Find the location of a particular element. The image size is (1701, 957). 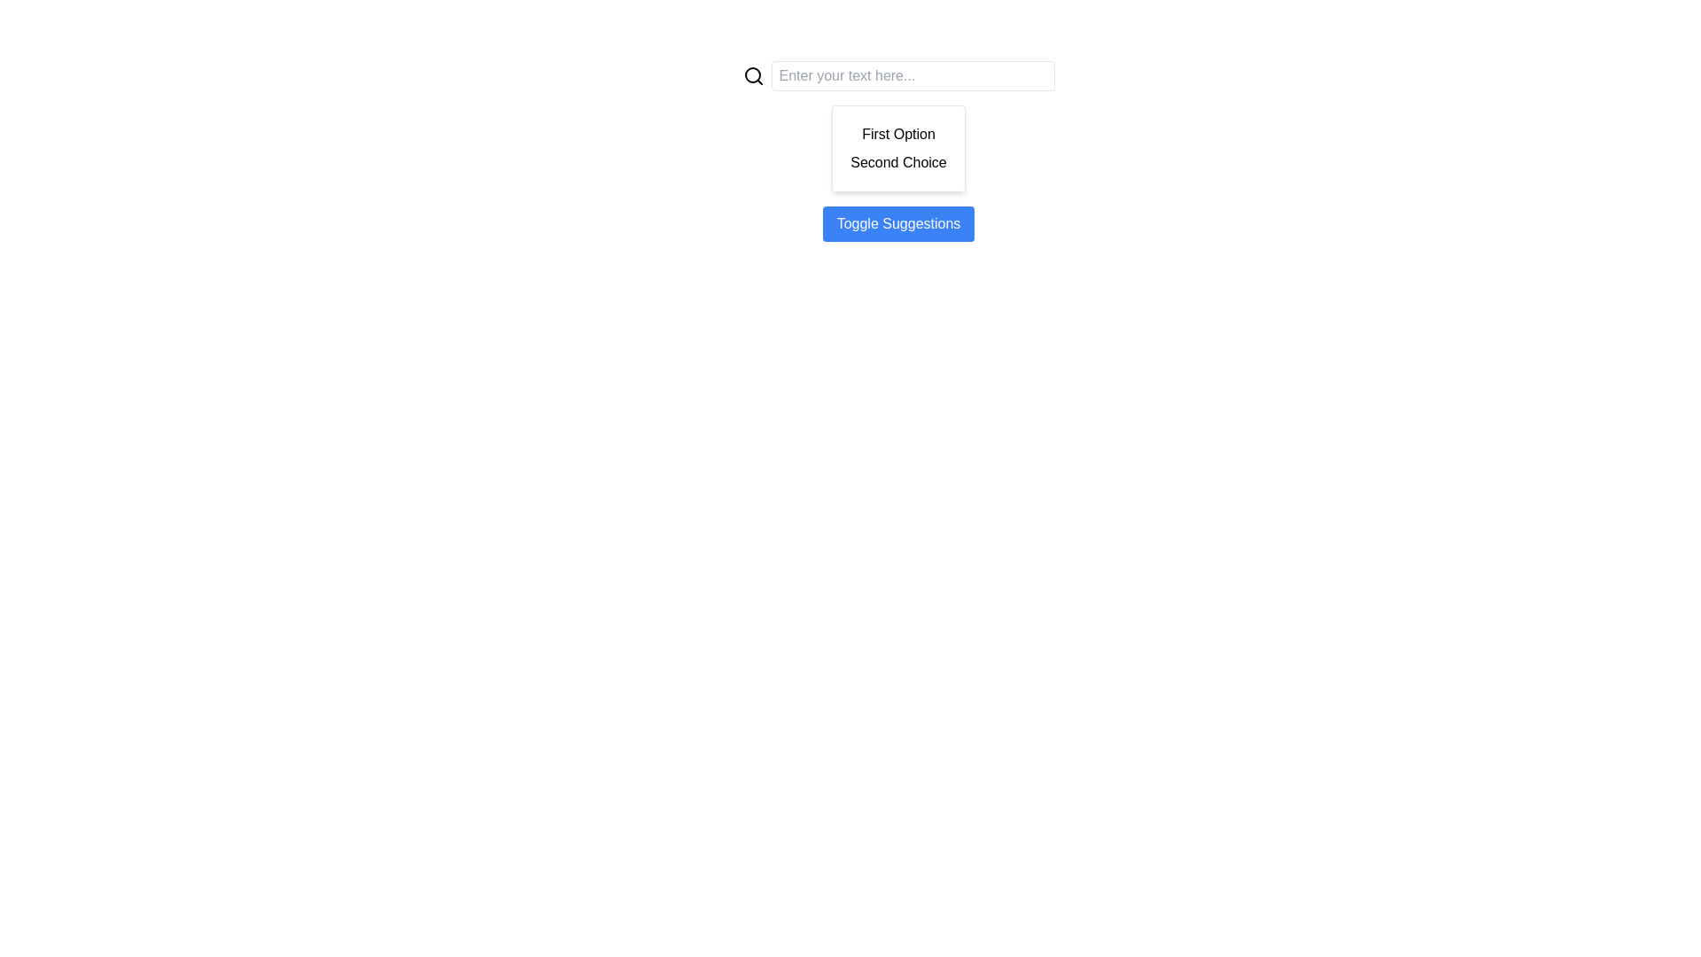

the 'Second Choice' list item element by is located at coordinates (898, 163).